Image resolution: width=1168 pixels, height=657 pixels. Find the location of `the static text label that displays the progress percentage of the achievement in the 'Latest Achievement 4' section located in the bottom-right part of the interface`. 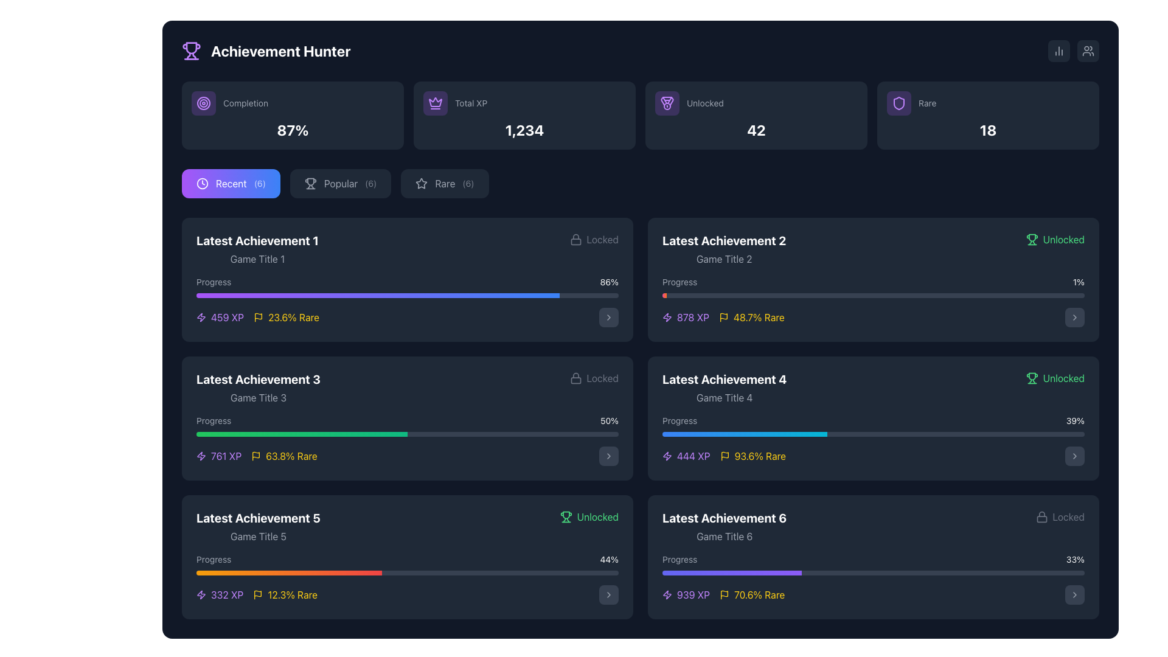

the static text label that displays the progress percentage of the achievement in the 'Latest Achievement 4' section located in the bottom-right part of the interface is located at coordinates (1075, 420).